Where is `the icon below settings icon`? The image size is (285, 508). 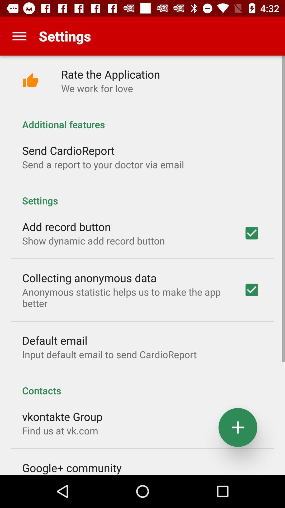
the icon below settings icon is located at coordinates (110, 74).